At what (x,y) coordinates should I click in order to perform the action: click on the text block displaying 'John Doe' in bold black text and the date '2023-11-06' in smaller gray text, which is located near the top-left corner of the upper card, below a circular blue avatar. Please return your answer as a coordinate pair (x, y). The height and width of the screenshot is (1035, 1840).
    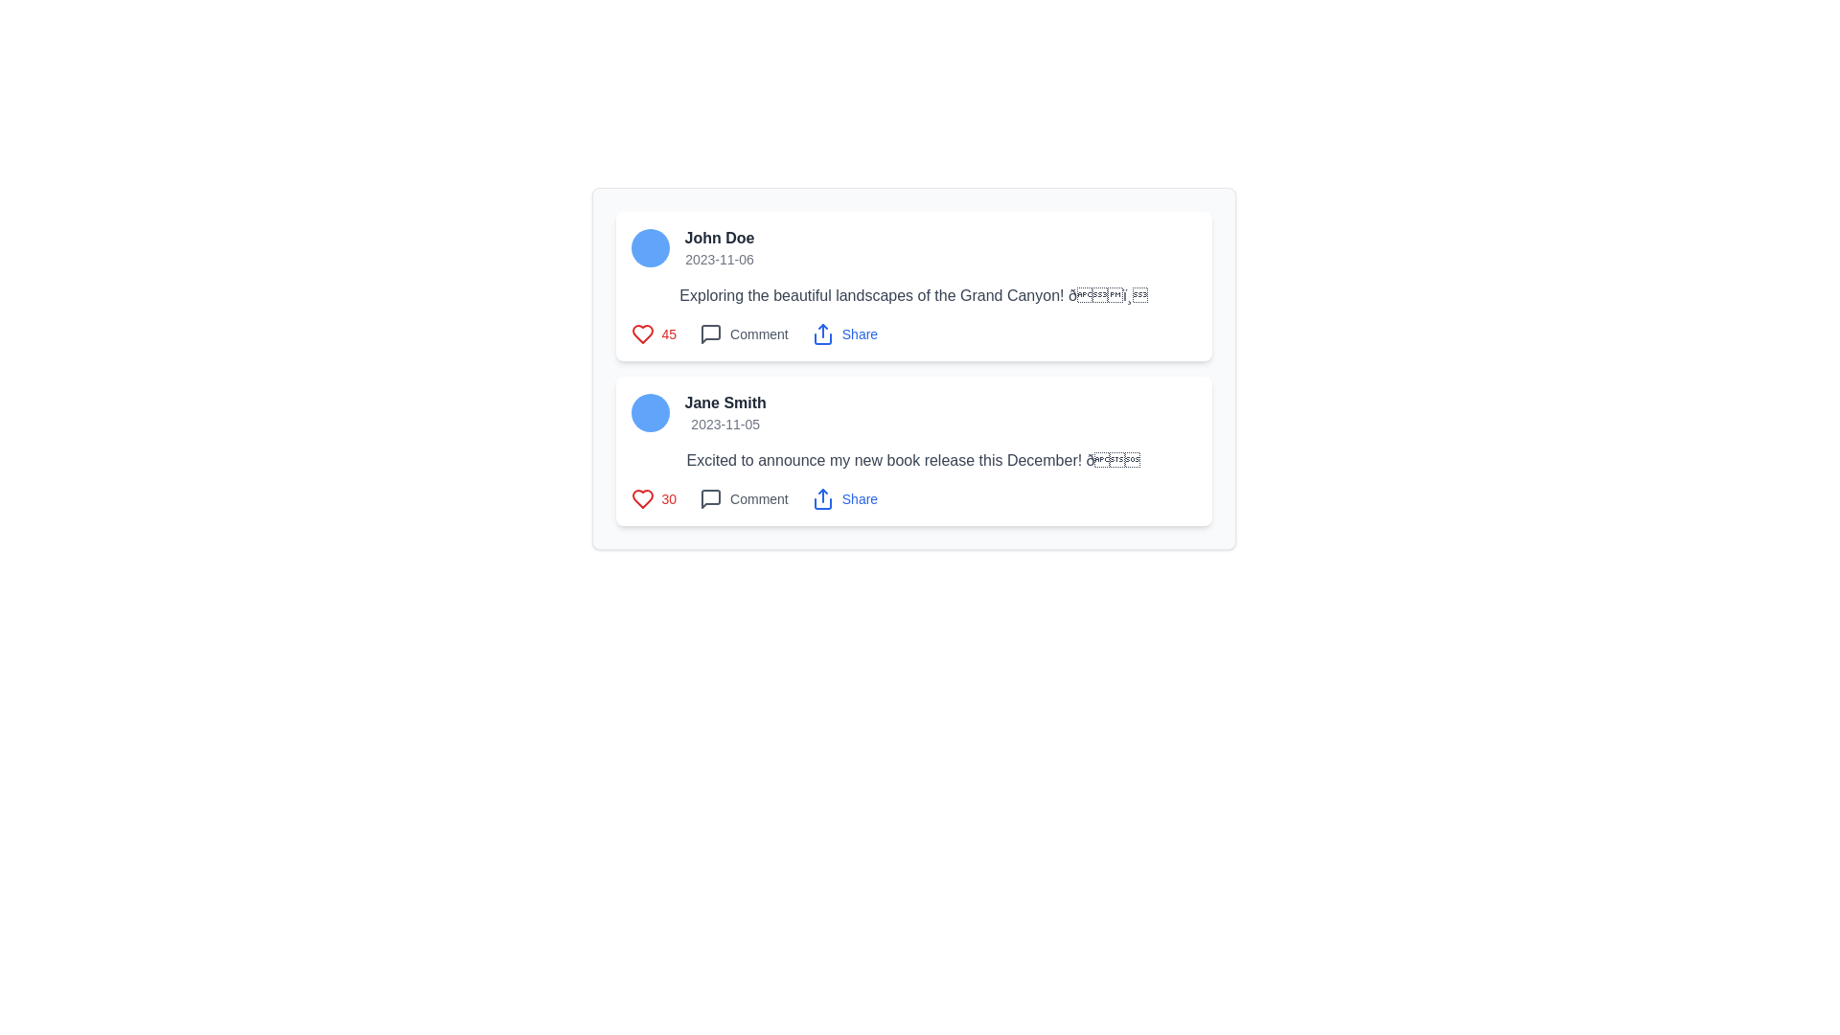
    Looking at the image, I should click on (718, 246).